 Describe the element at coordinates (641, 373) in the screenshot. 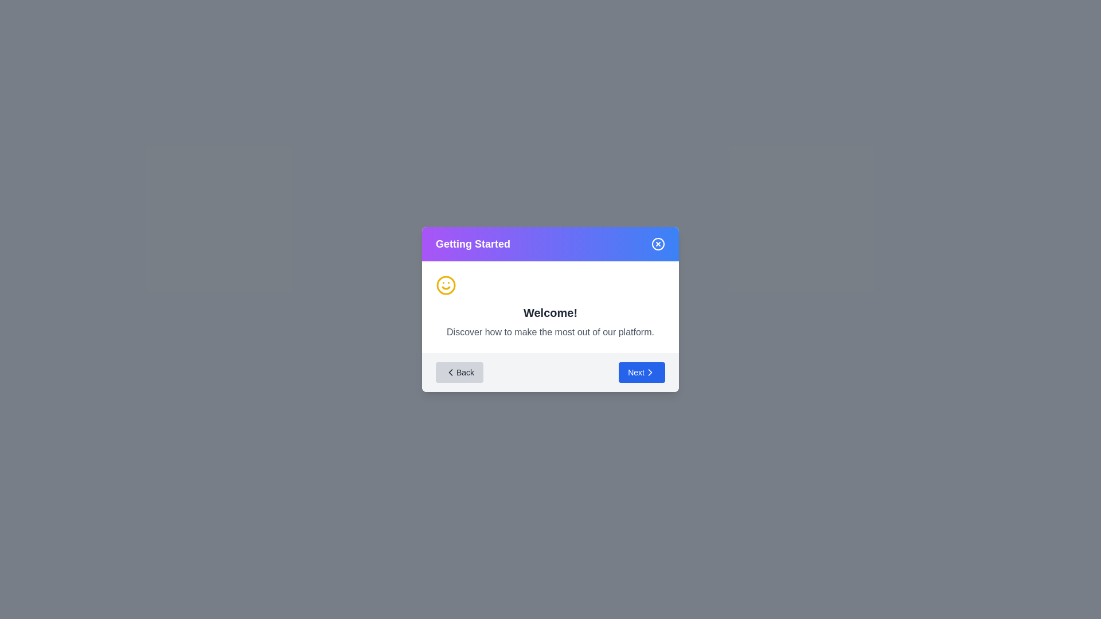

I see `the 'Next' navigation button located at the bottom-right corner of the dialog box to advance to the next step` at that location.